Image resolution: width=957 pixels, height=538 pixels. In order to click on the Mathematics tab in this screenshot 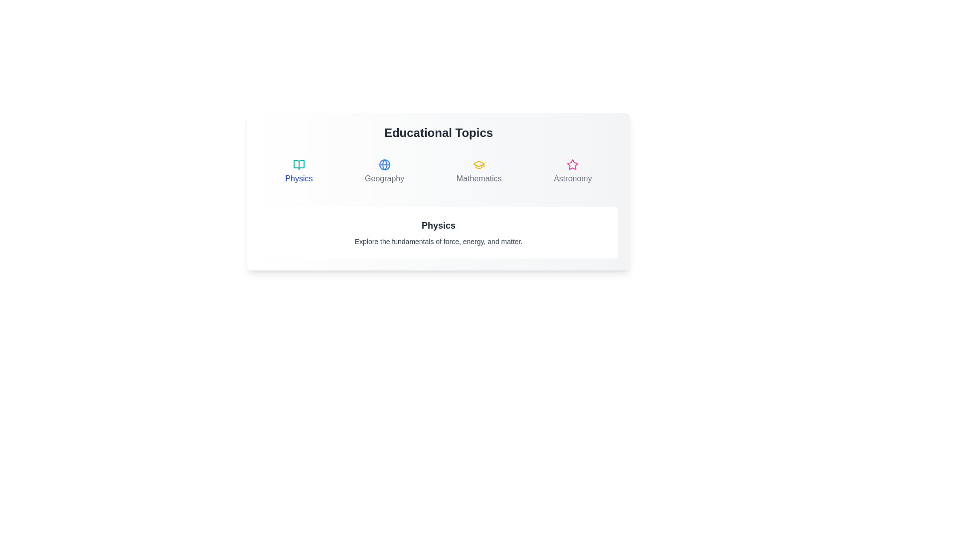, I will do `click(479, 171)`.